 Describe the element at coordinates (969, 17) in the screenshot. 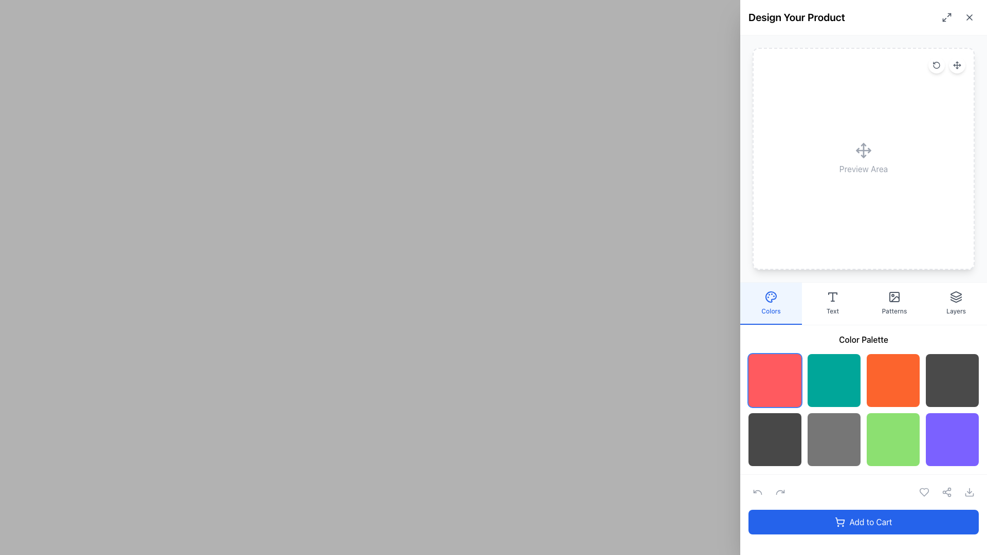

I see `the small gray 'X' icon in the top-right corner of the 'Design Your Product' interface` at that location.